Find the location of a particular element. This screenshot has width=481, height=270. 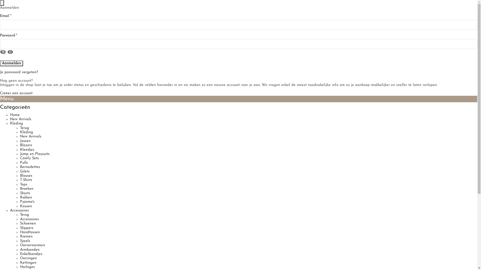

'Horloges' is located at coordinates (27, 267).